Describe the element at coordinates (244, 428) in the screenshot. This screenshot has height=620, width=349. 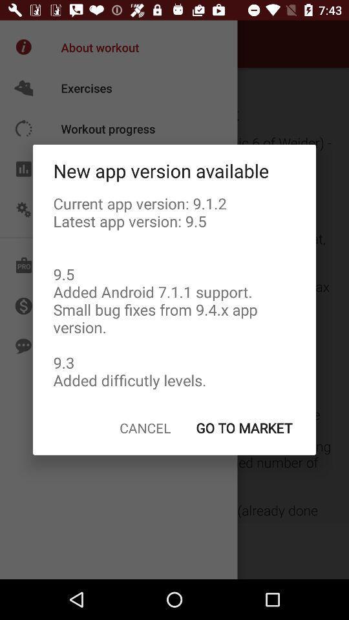
I see `go to market` at that location.